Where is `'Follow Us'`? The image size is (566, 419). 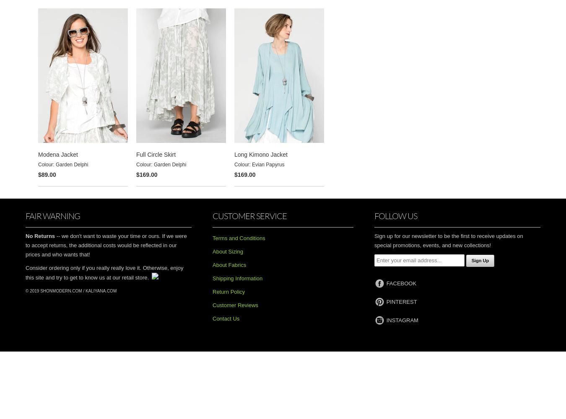
'Follow Us' is located at coordinates (395, 215).